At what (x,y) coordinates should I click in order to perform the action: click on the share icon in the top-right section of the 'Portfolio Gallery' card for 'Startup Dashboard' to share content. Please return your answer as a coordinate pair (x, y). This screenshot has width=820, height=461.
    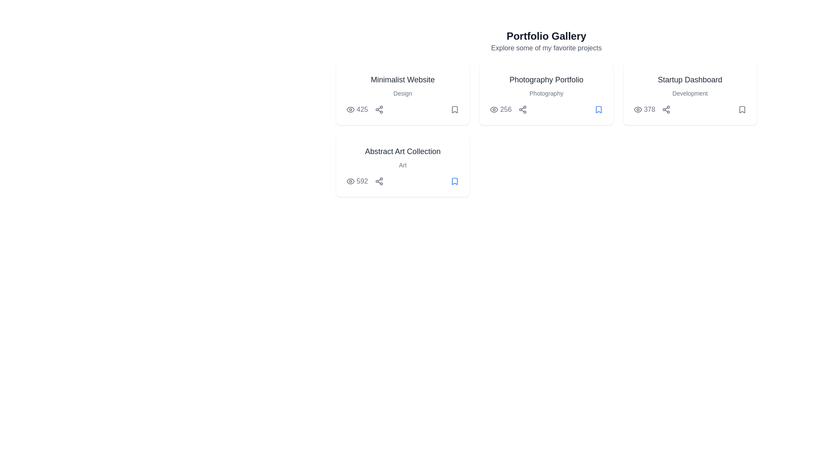
    Looking at the image, I should click on (666, 109).